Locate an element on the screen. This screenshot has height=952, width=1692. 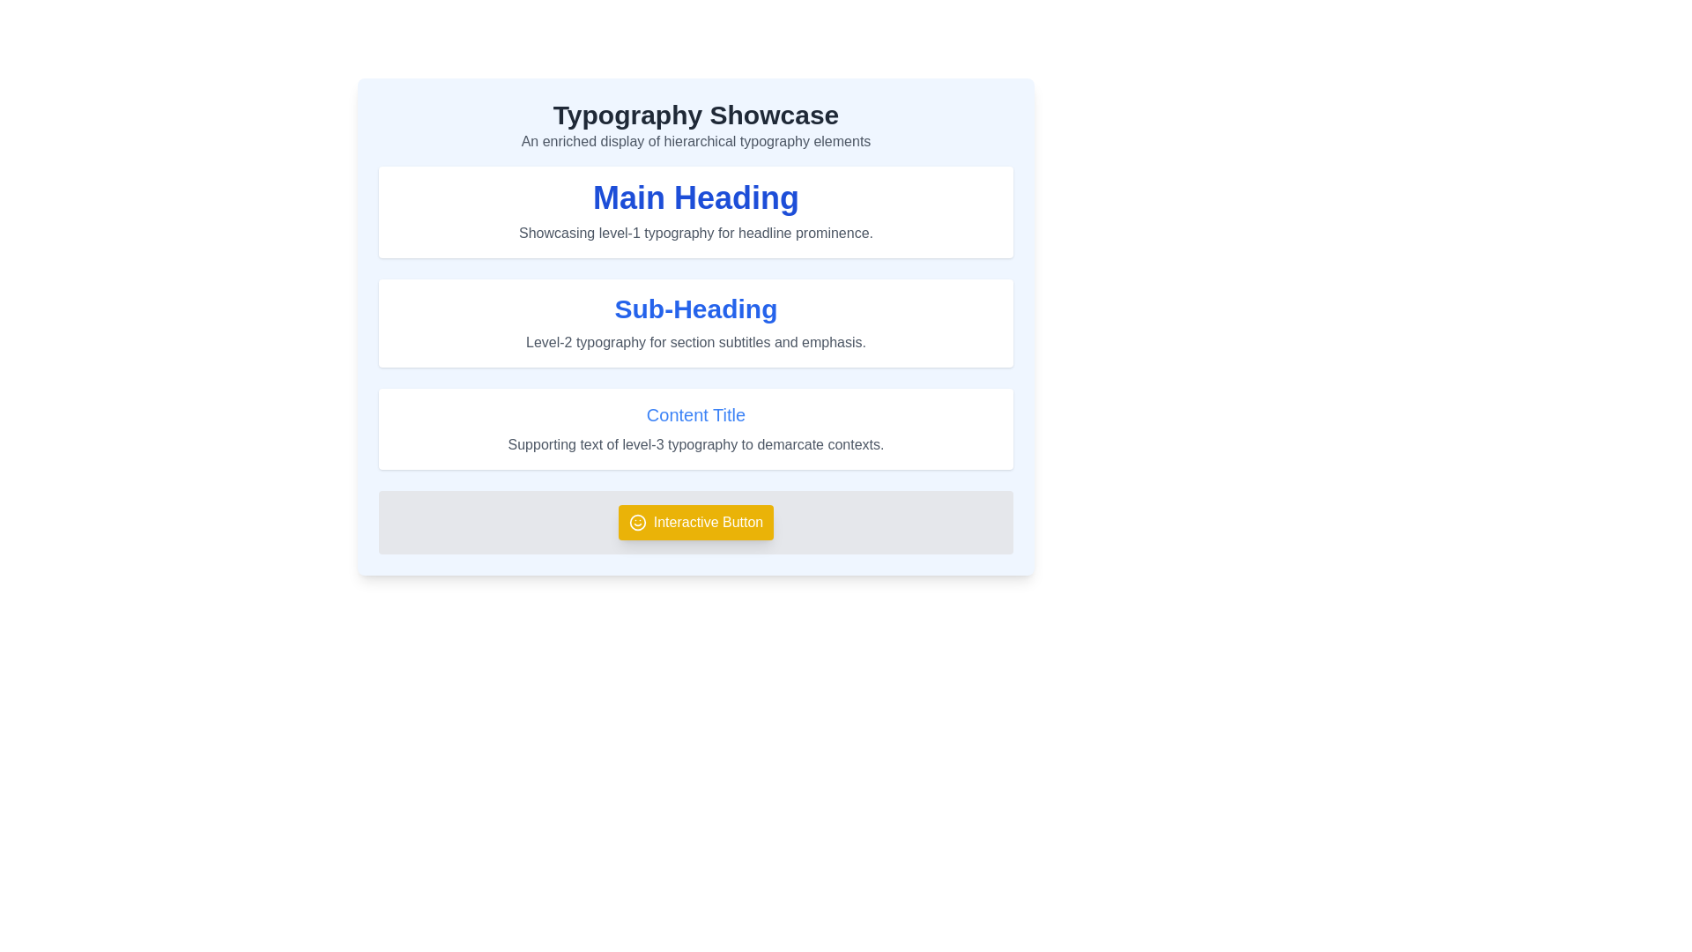
textual information of the descriptive label that reads 'Showcasing level-1 typography for headline prominence.' positioned below the main heading is located at coordinates (695, 233).